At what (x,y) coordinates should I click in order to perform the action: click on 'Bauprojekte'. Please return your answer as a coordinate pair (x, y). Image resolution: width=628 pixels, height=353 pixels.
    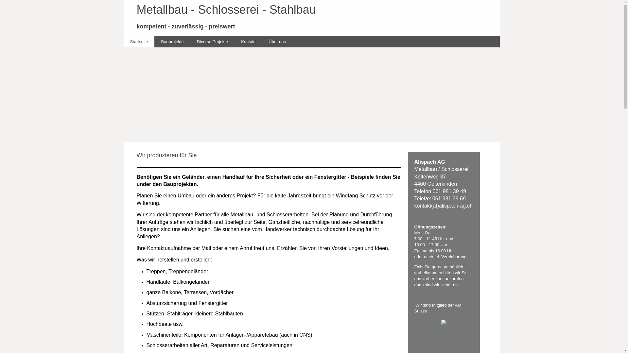
    Looking at the image, I should click on (172, 42).